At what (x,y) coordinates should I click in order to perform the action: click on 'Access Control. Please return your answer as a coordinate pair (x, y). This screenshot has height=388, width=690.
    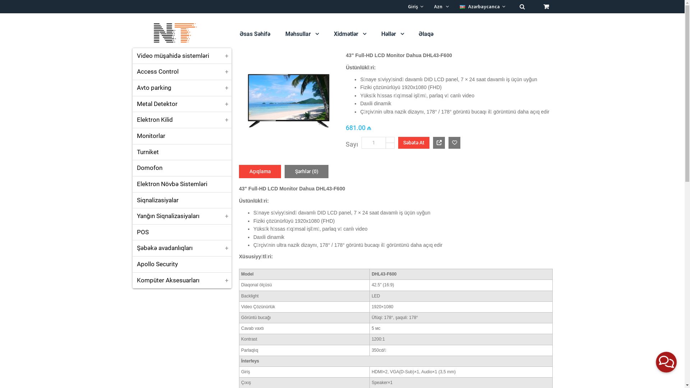
    Looking at the image, I should click on (181, 72).